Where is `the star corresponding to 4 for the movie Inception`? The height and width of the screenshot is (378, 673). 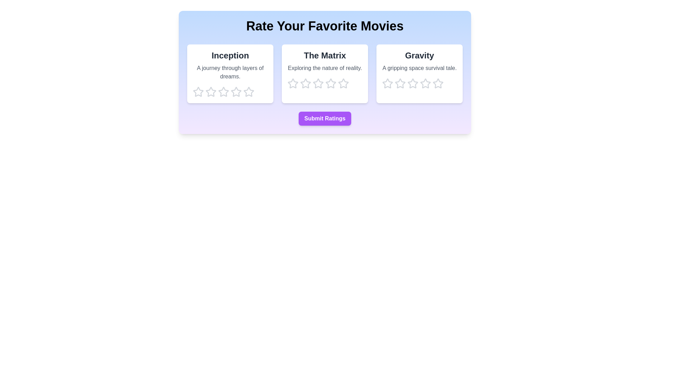 the star corresponding to 4 for the movie Inception is located at coordinates (236, 91).